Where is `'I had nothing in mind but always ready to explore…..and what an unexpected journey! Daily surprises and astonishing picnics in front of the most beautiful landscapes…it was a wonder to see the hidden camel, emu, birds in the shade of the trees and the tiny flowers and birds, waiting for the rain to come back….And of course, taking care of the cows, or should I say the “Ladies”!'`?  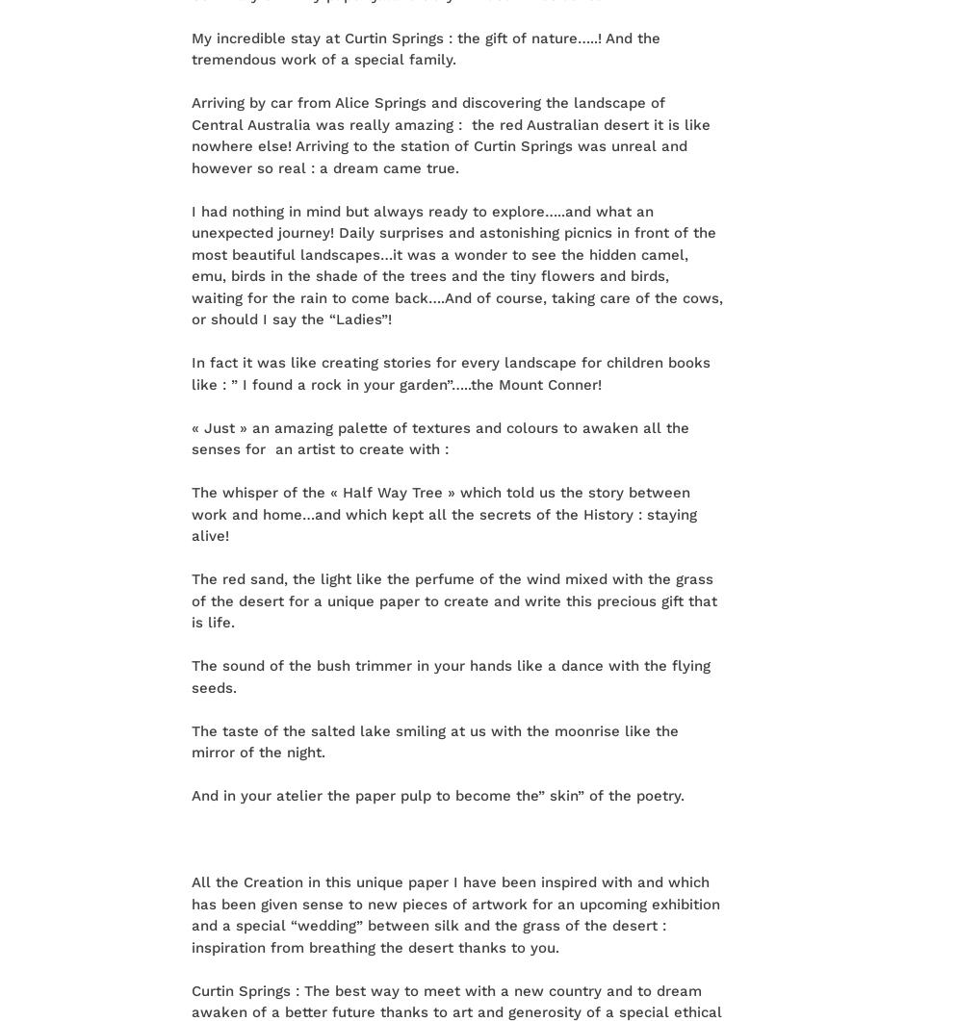 'I had nothing in mind but always ready to explore…..and what an unexpected journey! Daily surprises and astonishing picnics in front of the most beautiful landscapes…it was a wonder to see the hidden camel, emu, birds in the shade of the trees and the tiny flowers and birds, waiting for the rain to come back….And of course, taking care of the cows, or should I say the “Ladies”!' is located at coordinates (456, 264).